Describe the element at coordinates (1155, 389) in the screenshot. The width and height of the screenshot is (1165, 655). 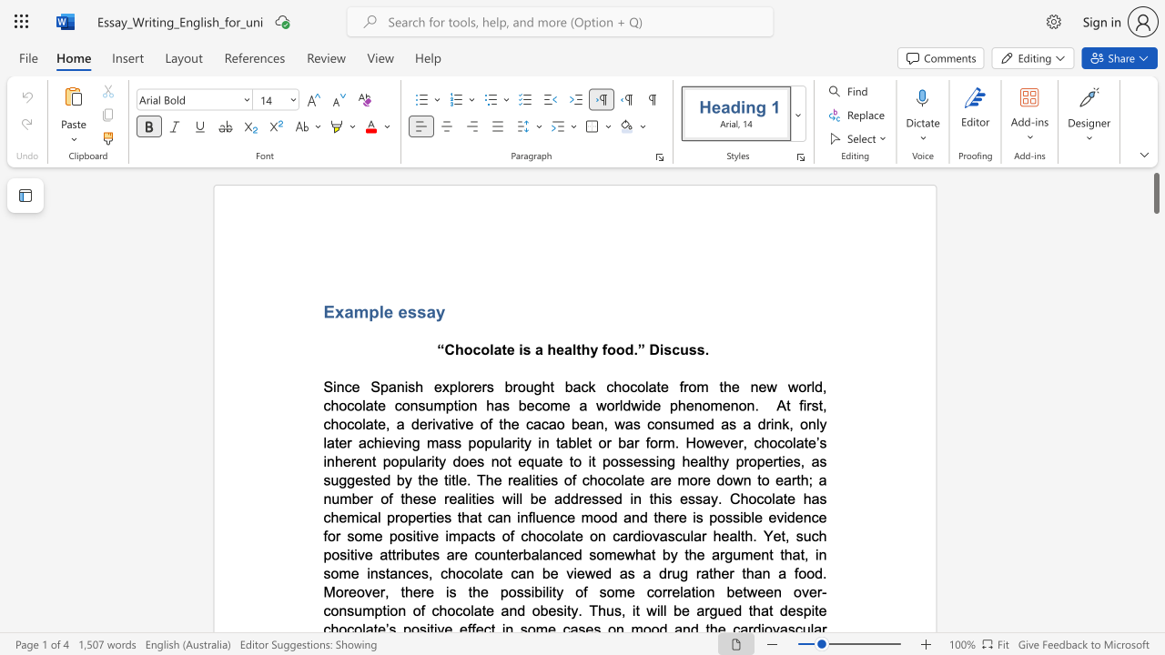
I see `the page's right scrollbar for downward movement` at that location.